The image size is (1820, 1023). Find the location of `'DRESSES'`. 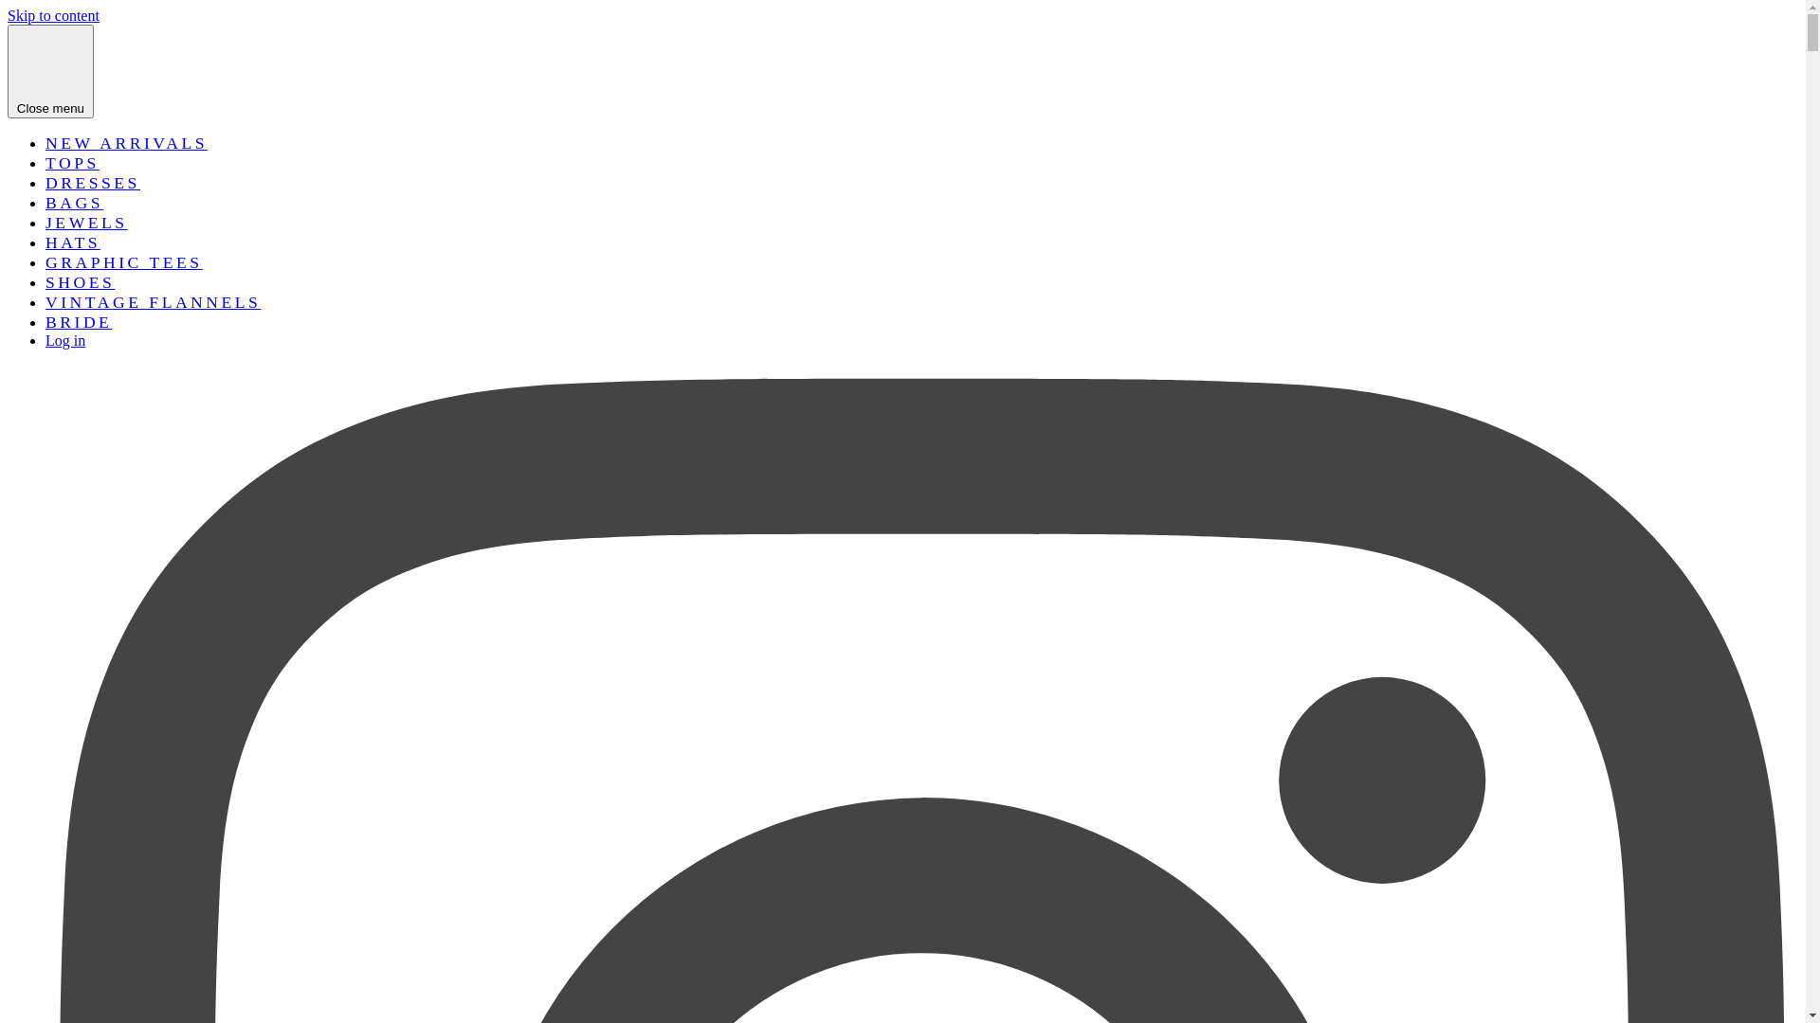

'DRESSES' is located at coordinates (91, 182).